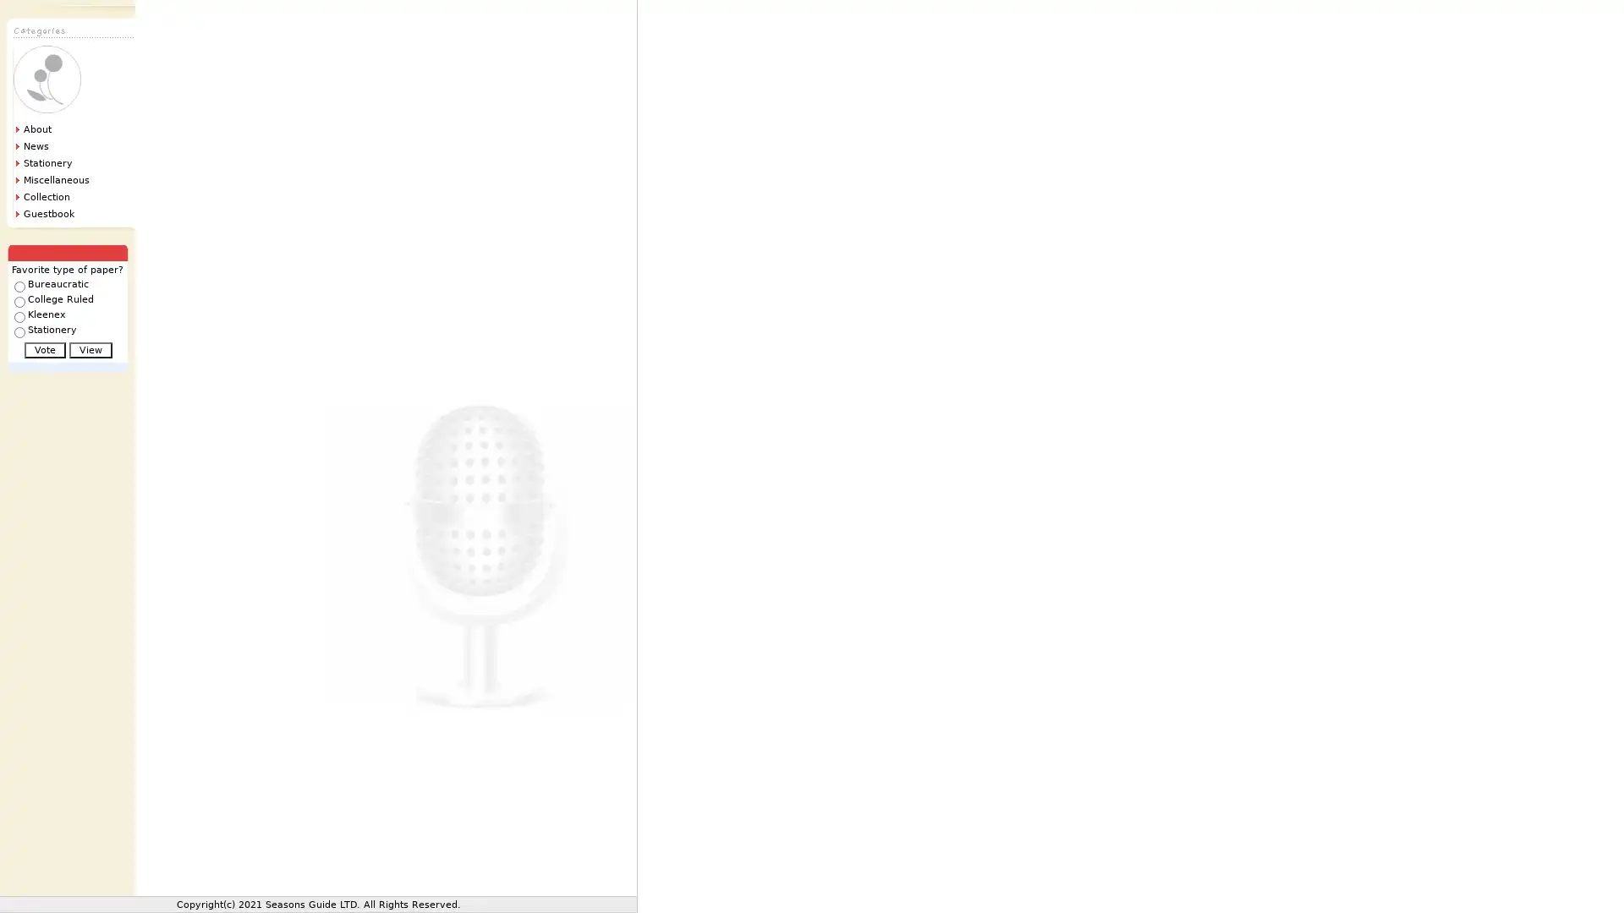  What do you see at coordinates (89, 349) in the screenshot?
I see `View` at bounding box center [89, 349].